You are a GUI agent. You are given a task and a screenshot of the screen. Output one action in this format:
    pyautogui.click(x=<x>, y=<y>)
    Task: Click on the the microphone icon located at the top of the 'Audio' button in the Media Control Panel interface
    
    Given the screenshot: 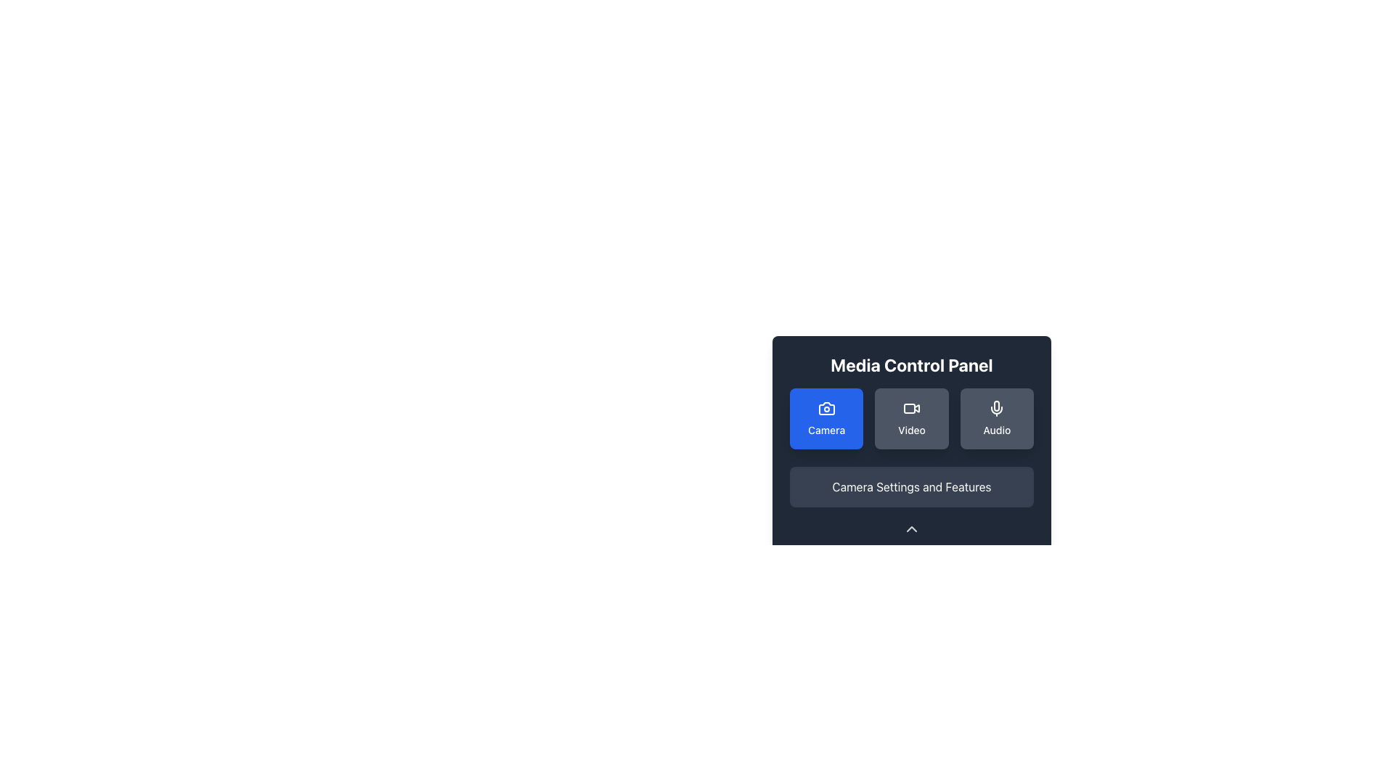 What is the action you would take?
    pyautogui.click(x=996, y=409)
    